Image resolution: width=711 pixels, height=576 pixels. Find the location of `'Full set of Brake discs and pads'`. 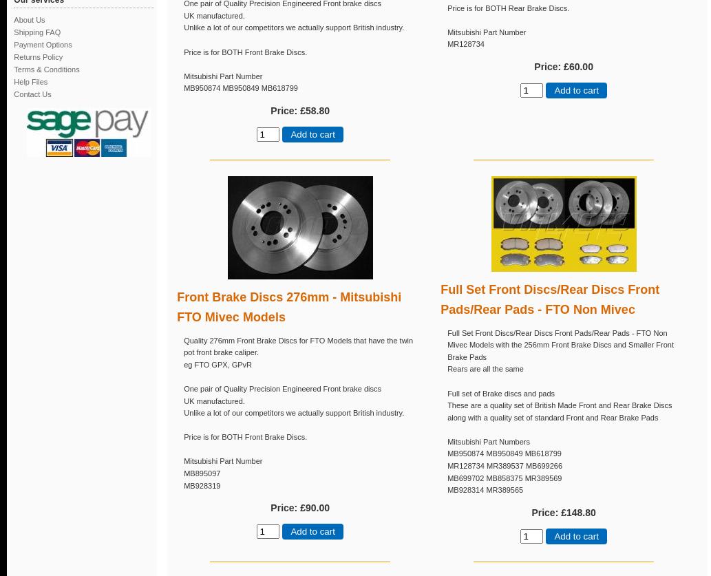

'Full set of Brake discs and pads' is located at coordinates (500, 393).